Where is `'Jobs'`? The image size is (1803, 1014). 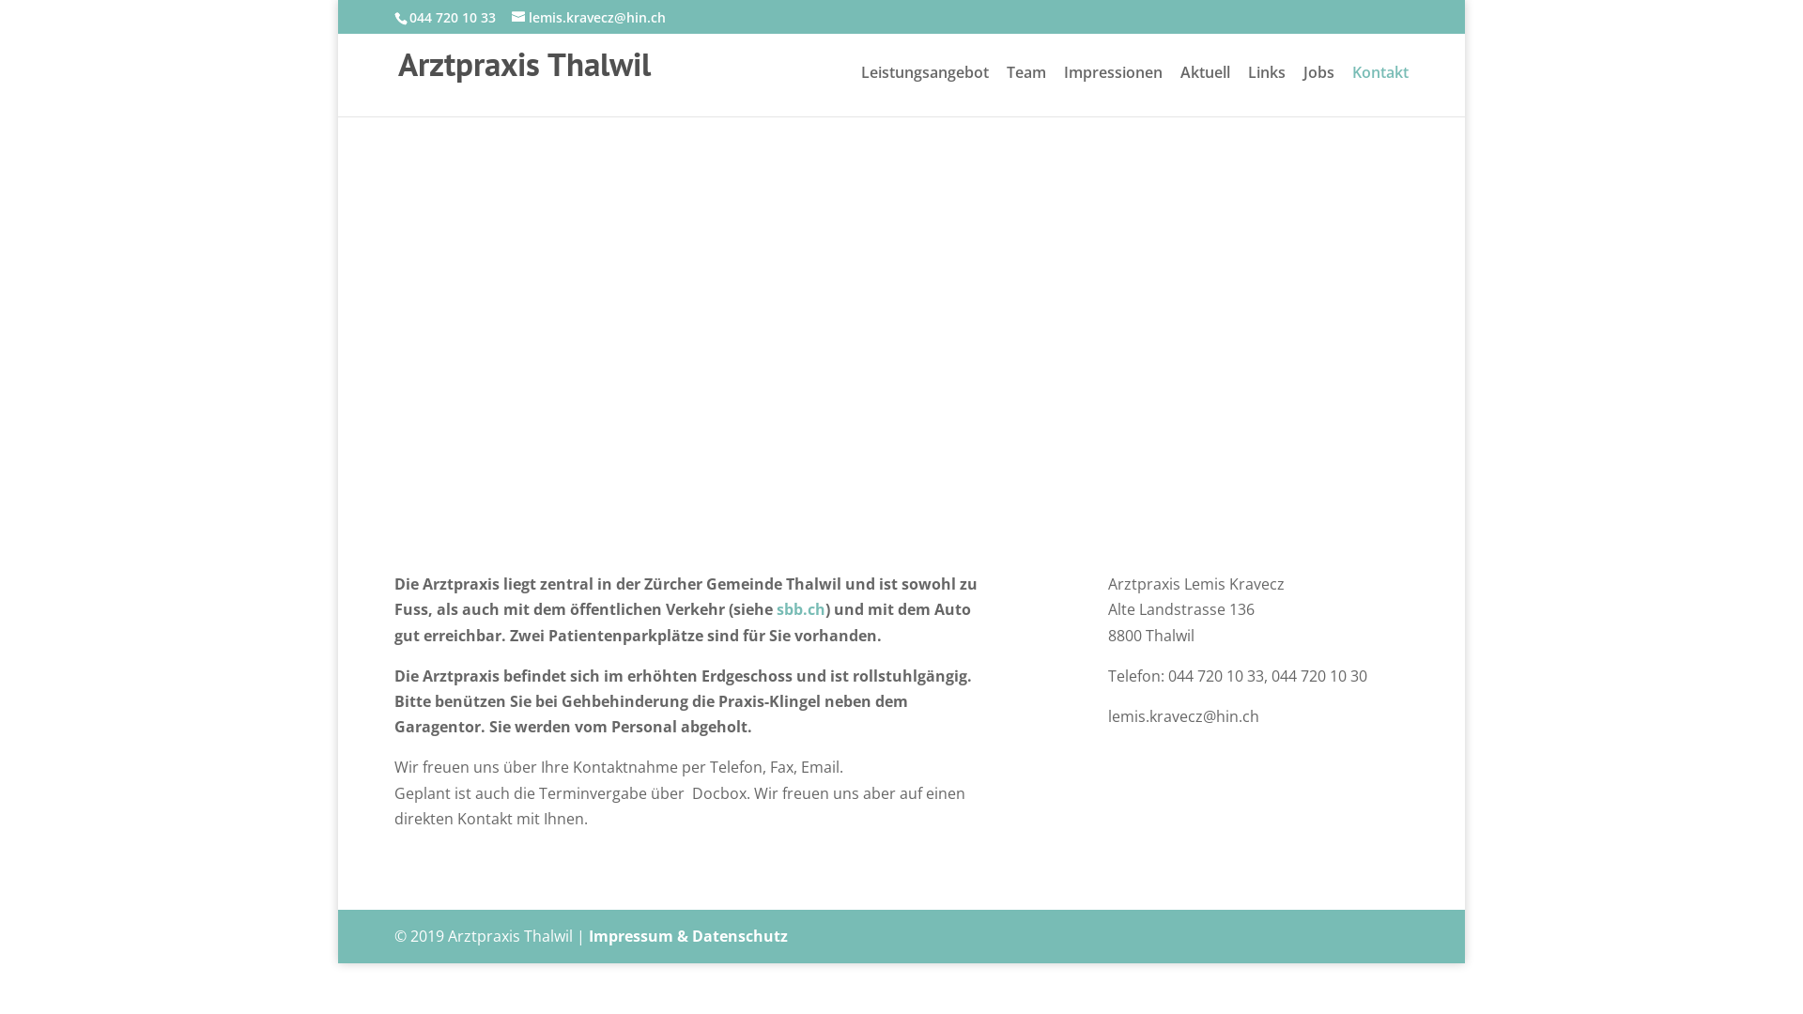
'Jobs' is located at coordinates (1318, 90).